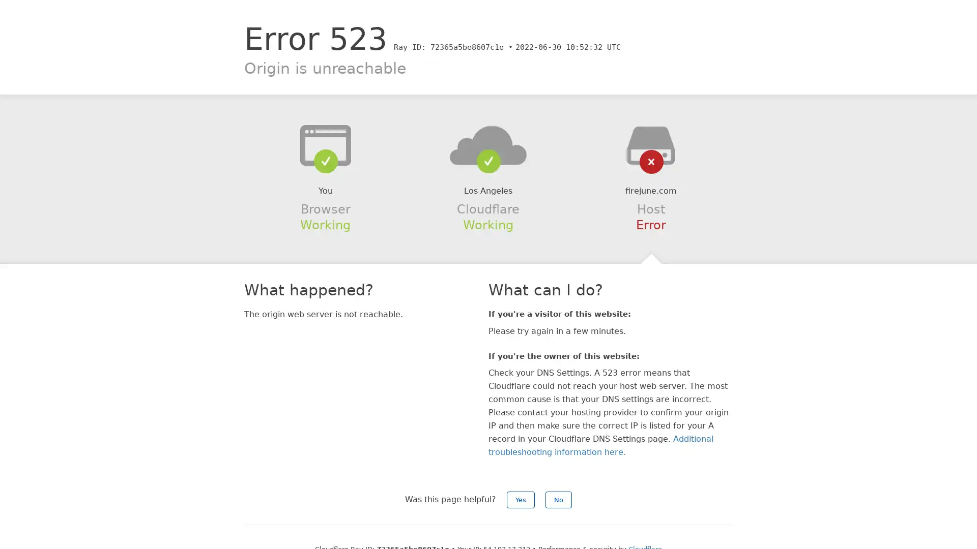 Image resolution: width=977 pixels, height=549 pixels. I want to click on No, so click(558, 499).